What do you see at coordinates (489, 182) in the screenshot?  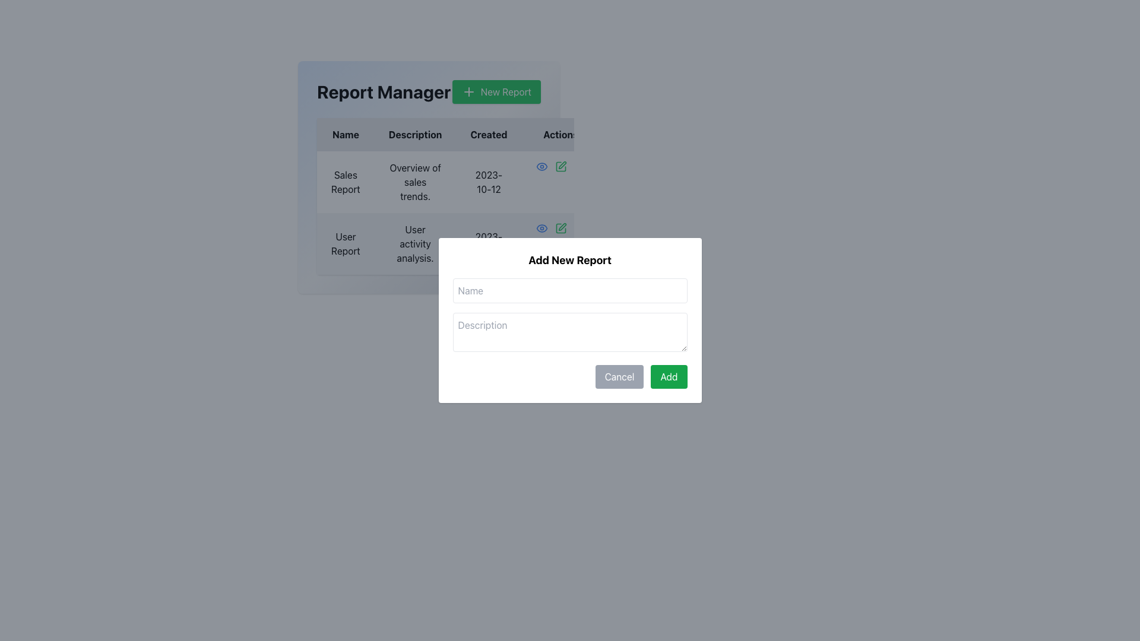 I see `the static text label that displays the creation date of the 'Sales Report' entry, located in the first row under the 'Created' column` at bounding box center [489, 182].